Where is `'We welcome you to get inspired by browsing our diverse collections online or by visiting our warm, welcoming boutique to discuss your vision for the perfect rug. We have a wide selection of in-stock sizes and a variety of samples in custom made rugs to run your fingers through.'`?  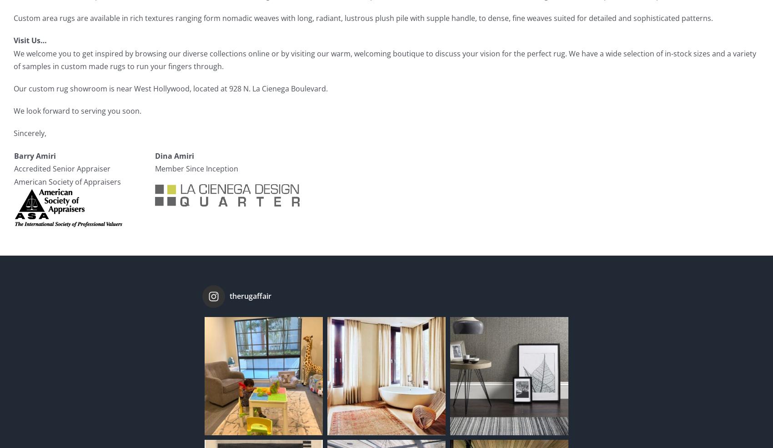 'We welcome you to get inspired by browsing our diverse collections online or by visiting our warm, welcoming boutique to discuss your vision for the perfect rug. We have a wide selection of in-stock sizes and a variety of samples in custom made rugs to run your fingers through.' is located at coordinates (384, 60).